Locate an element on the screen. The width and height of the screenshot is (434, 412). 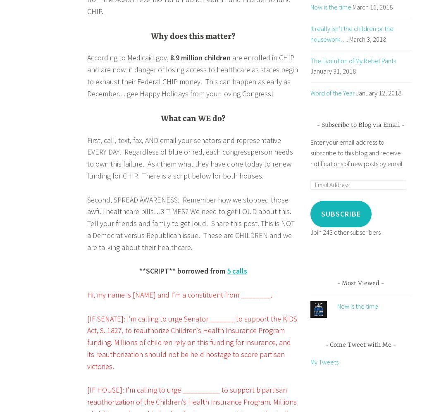
'March 16, 2018' is located at coordinates (352, 6).